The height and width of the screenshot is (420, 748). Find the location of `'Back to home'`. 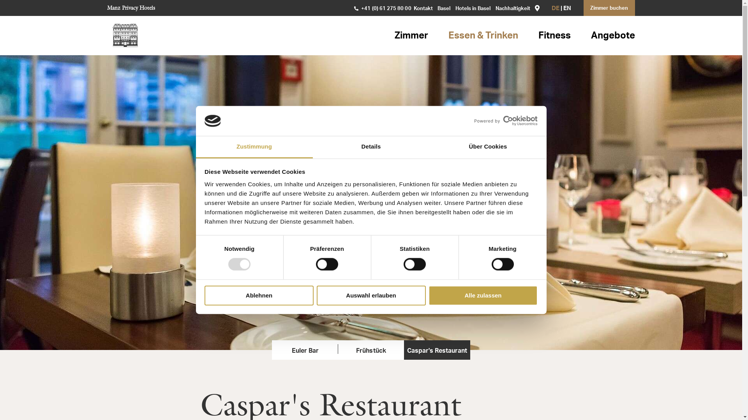

'Back to home' is located at coordinates (125, 35).